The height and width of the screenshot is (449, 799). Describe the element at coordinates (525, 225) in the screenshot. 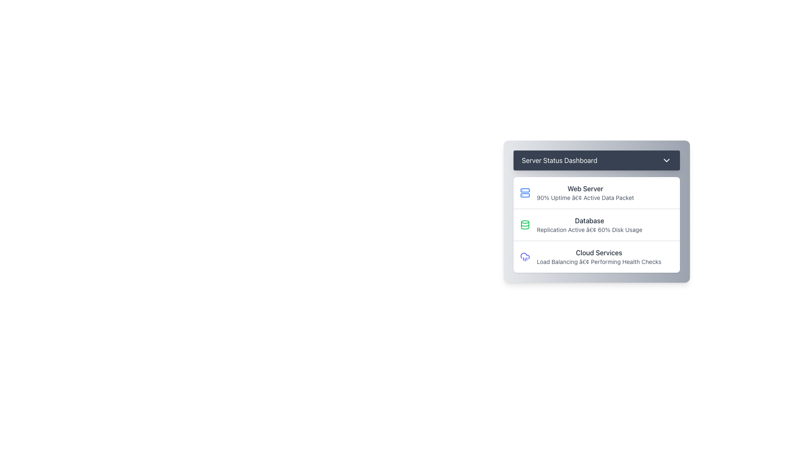

I see `the central cylindrical section of the database icon in the 'Server Status Dashboard' to visually indicate interaction with this graphical UI component` at that location.